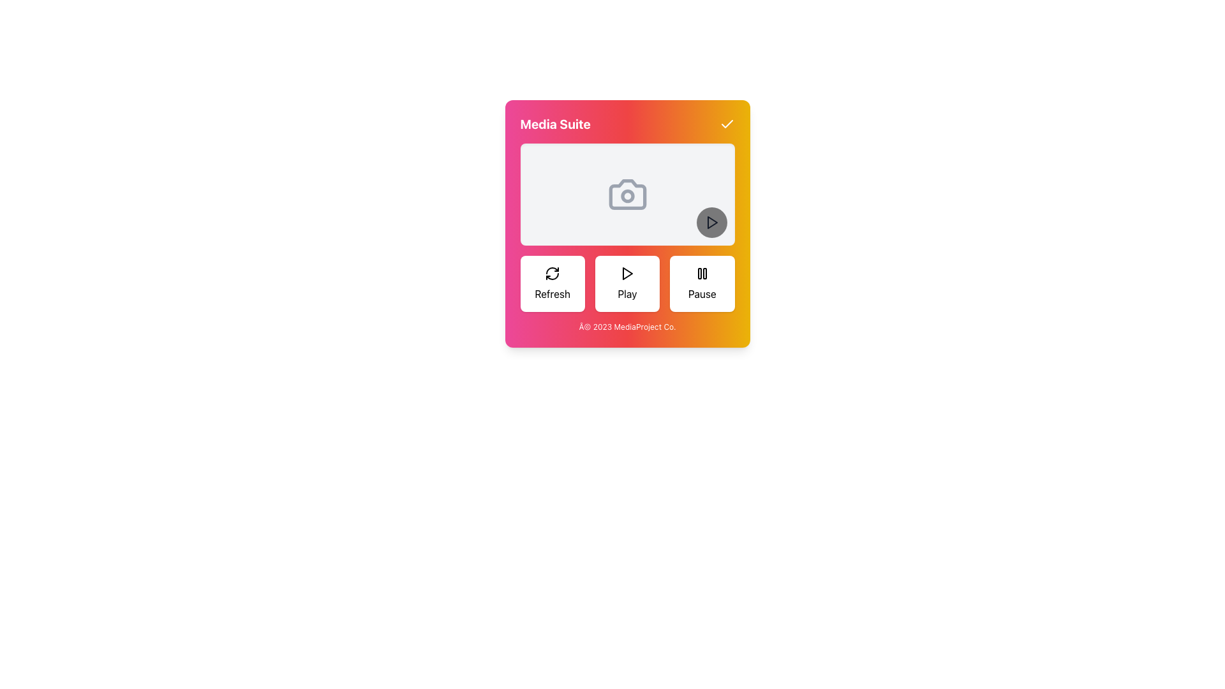 This screenshot has width=1225, height=689. I want to click on the checkmark icon located in the upper-right corner of the interface, adjacent to the title 'Media Suite', so click(727, 124).